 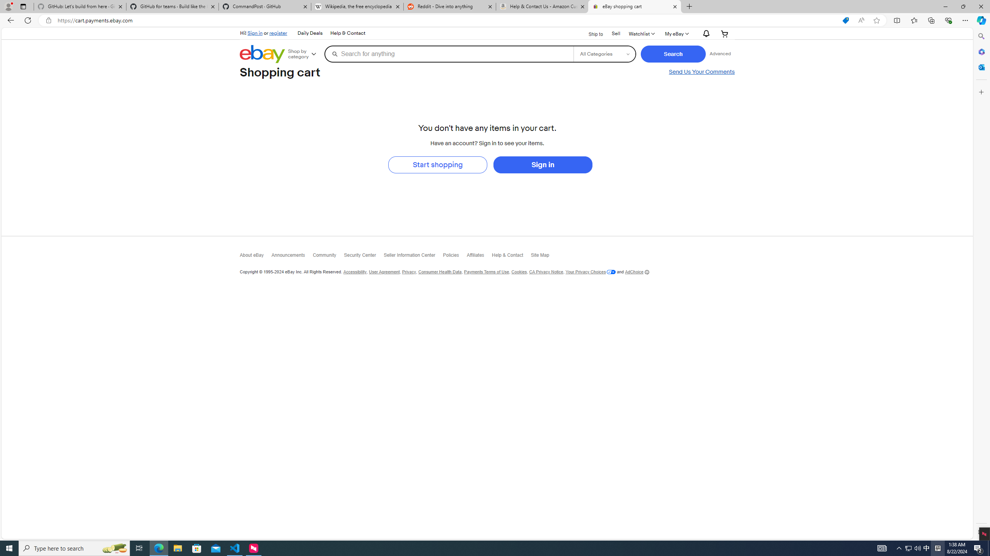 What do you see at coordinates (437, 164) in the screenshot?
I see `'Start shopping'` at bounding box center [437, 164].